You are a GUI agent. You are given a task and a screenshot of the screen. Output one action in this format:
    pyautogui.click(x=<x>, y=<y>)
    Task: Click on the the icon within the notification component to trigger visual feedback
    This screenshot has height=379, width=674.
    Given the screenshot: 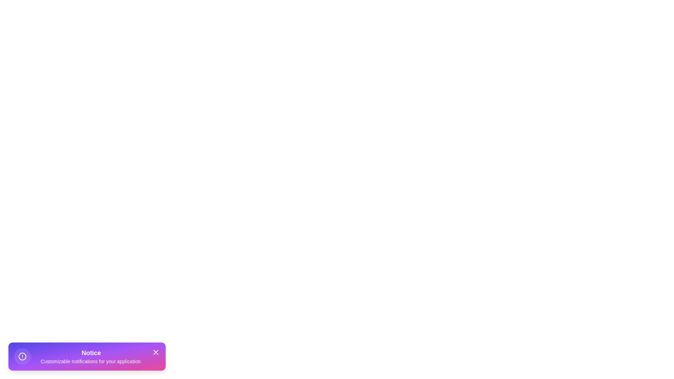 What is the action you would take?
    pyautogui.click(x=22, y=356)
    